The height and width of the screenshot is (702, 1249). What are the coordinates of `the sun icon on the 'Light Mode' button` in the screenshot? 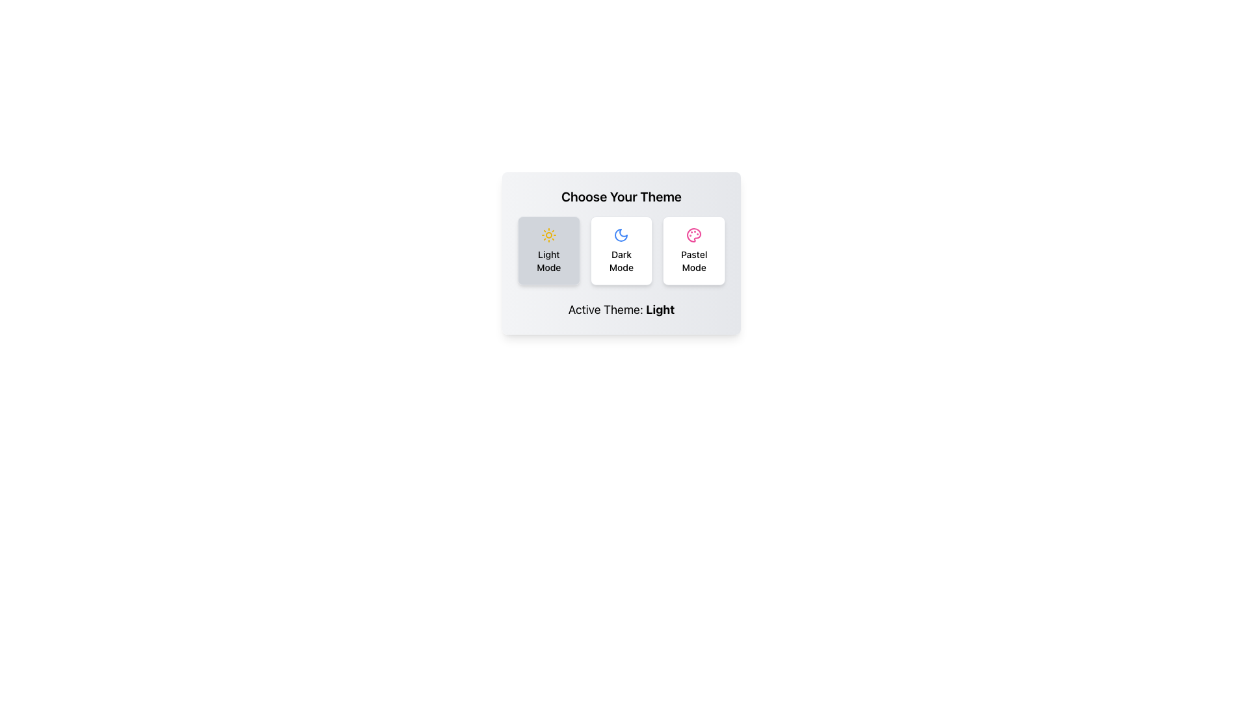 It's located at (548, 235).